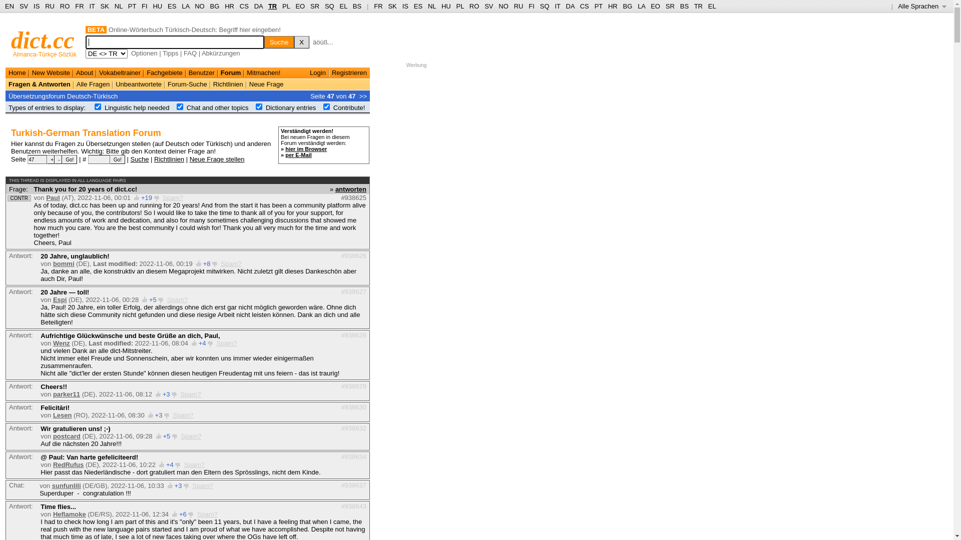  I want to click on 'DA', so click(258, 6).